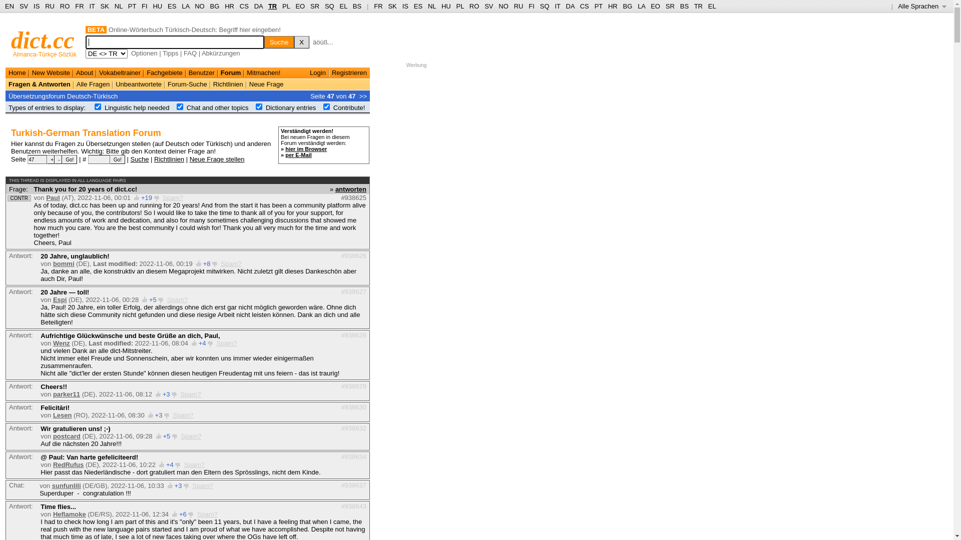  I want to click on 'DA', so click(258, 6).